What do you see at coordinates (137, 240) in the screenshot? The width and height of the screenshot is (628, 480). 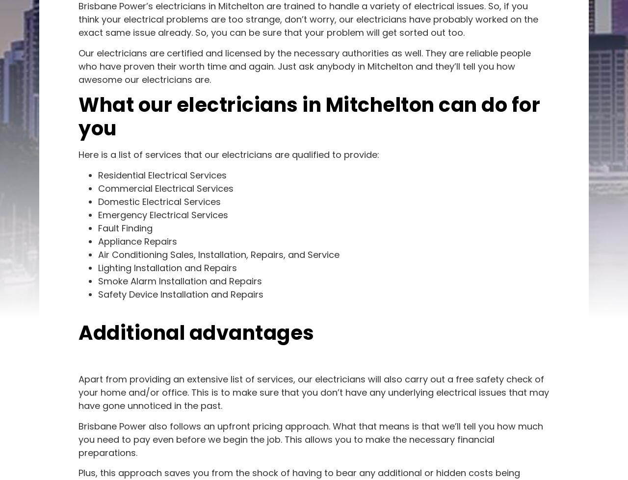 I see `'Appliance Repairs'` at bounding box center [137, 240].